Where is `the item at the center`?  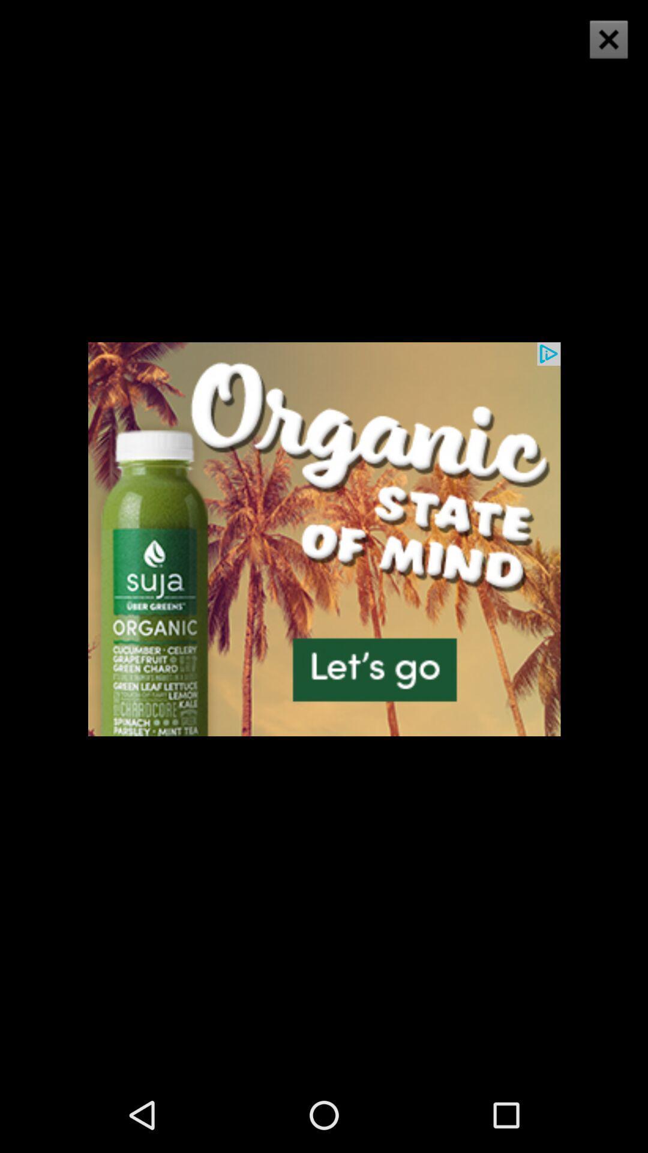 the item at the center is located at coordinates (324, 538).